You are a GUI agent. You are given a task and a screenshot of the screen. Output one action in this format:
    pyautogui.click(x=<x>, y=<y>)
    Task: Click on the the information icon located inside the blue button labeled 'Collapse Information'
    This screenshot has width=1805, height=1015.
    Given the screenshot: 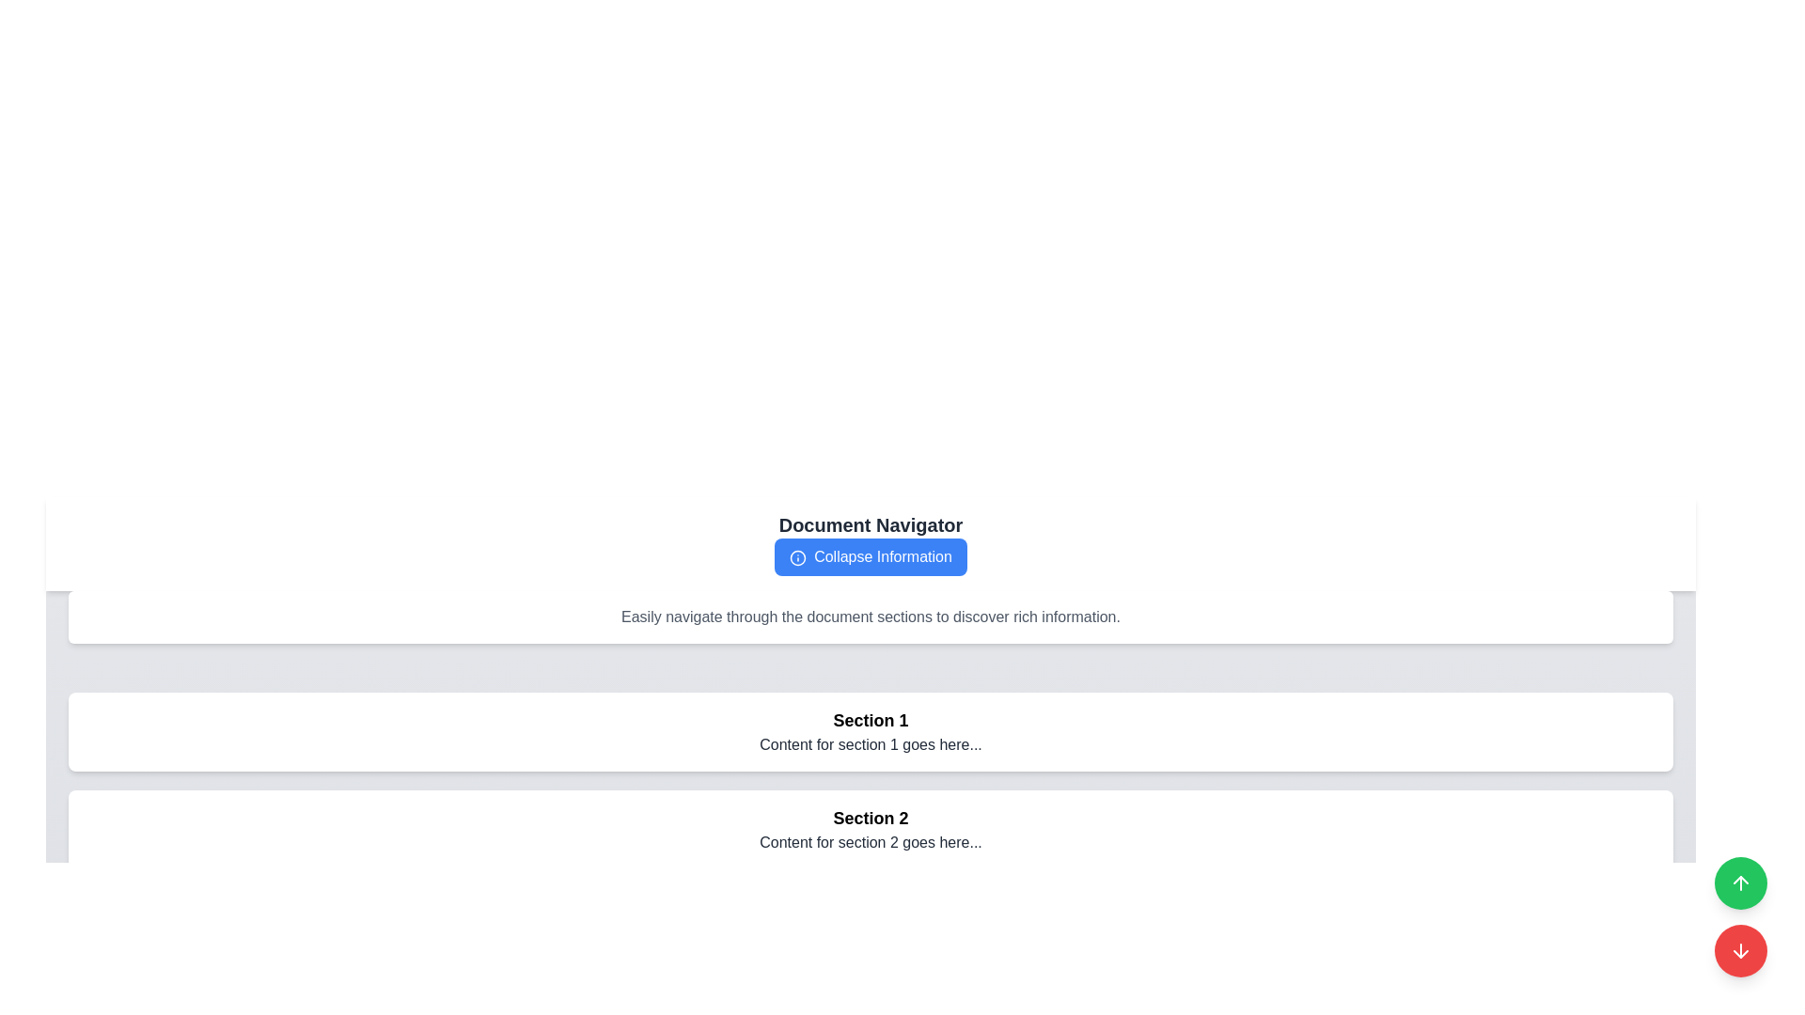 What is the action you would take?
    pyautogui.click(x=798, y=556)
    